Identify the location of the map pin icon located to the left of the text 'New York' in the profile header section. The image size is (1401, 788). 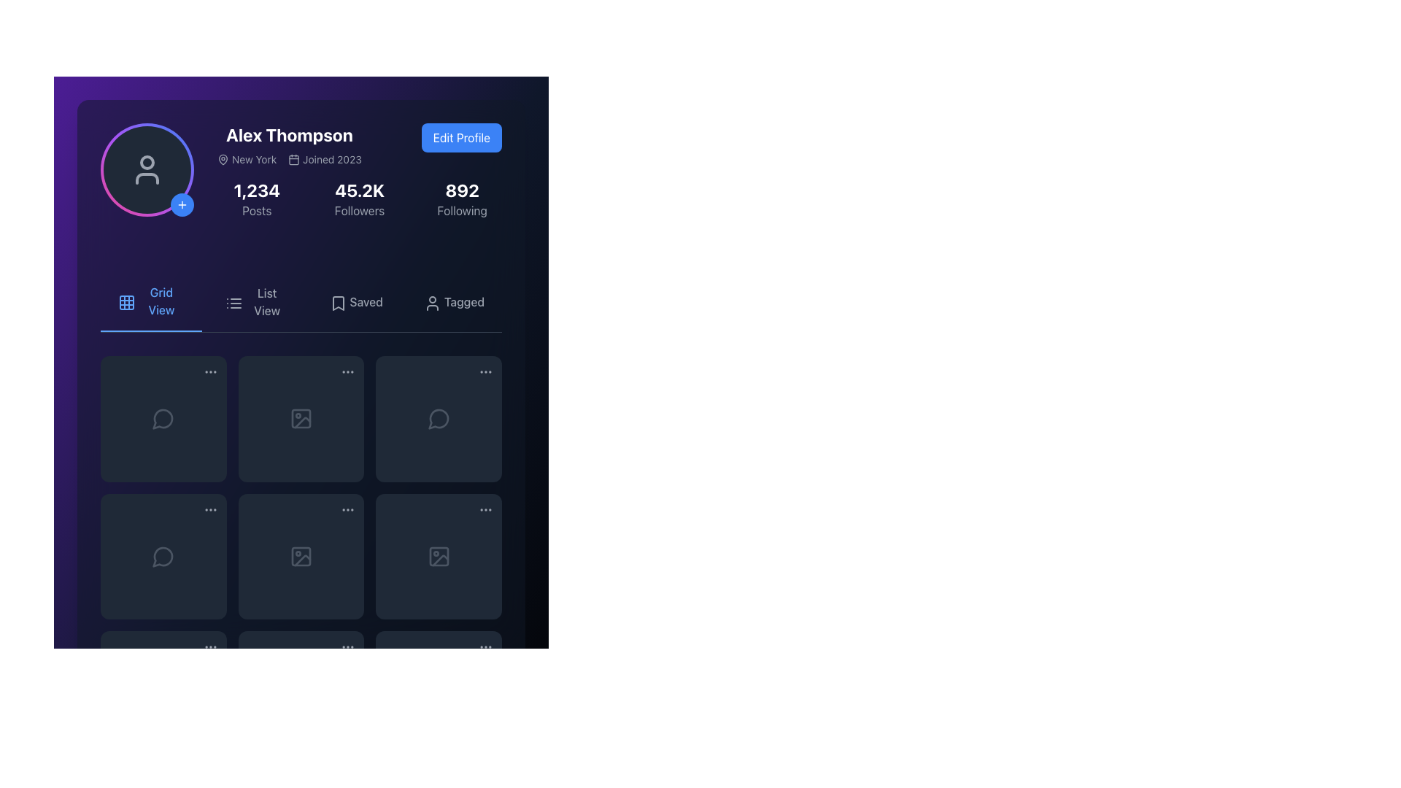
(223, 160).